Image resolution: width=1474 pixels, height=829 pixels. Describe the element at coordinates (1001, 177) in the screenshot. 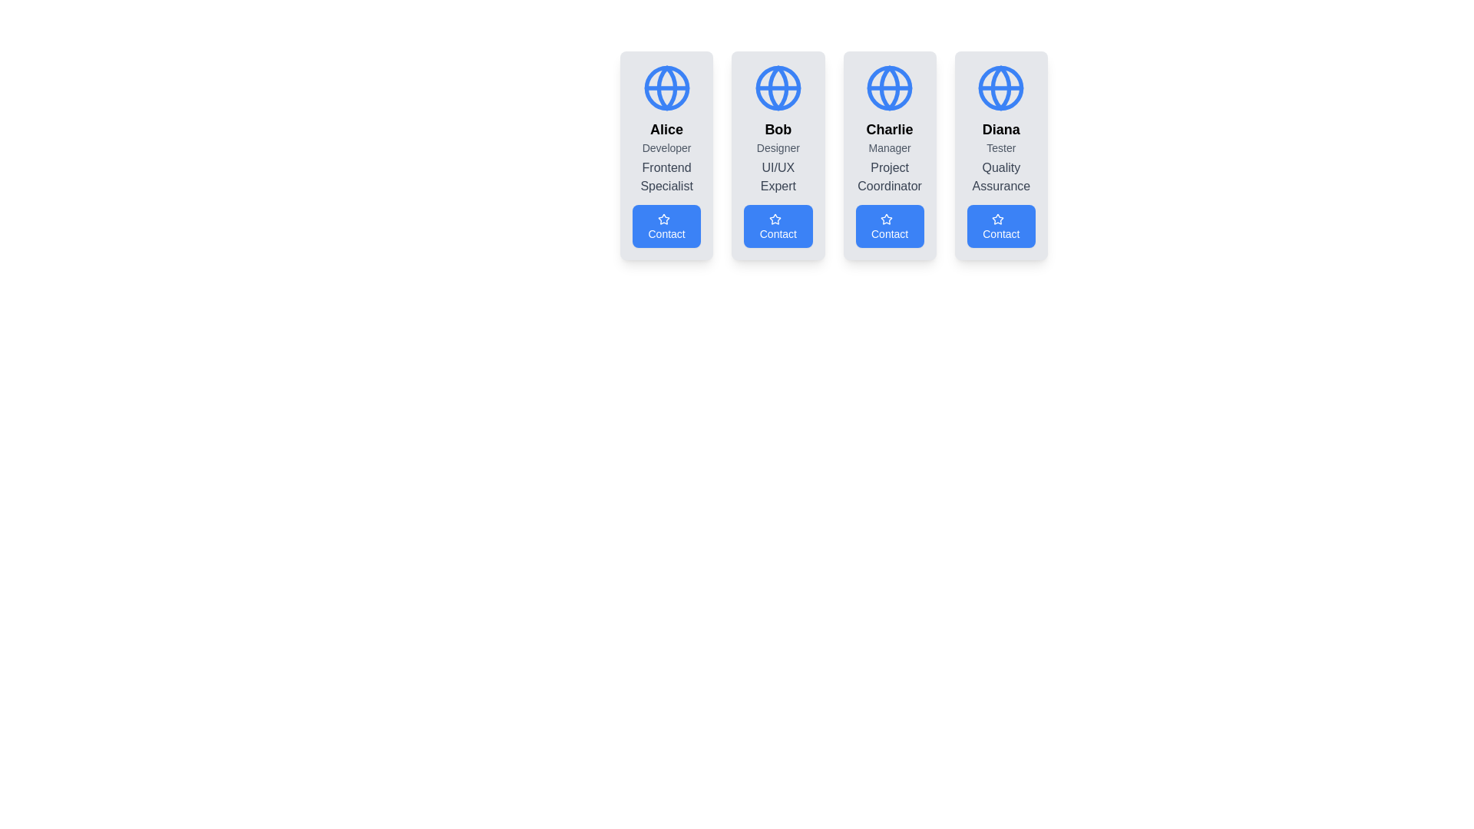

I see `the static text label displaying 'Quality Assurance', which is located in the fourth card from the left, beneath the 'Tester' label and above the 'Contact' button` at that location.